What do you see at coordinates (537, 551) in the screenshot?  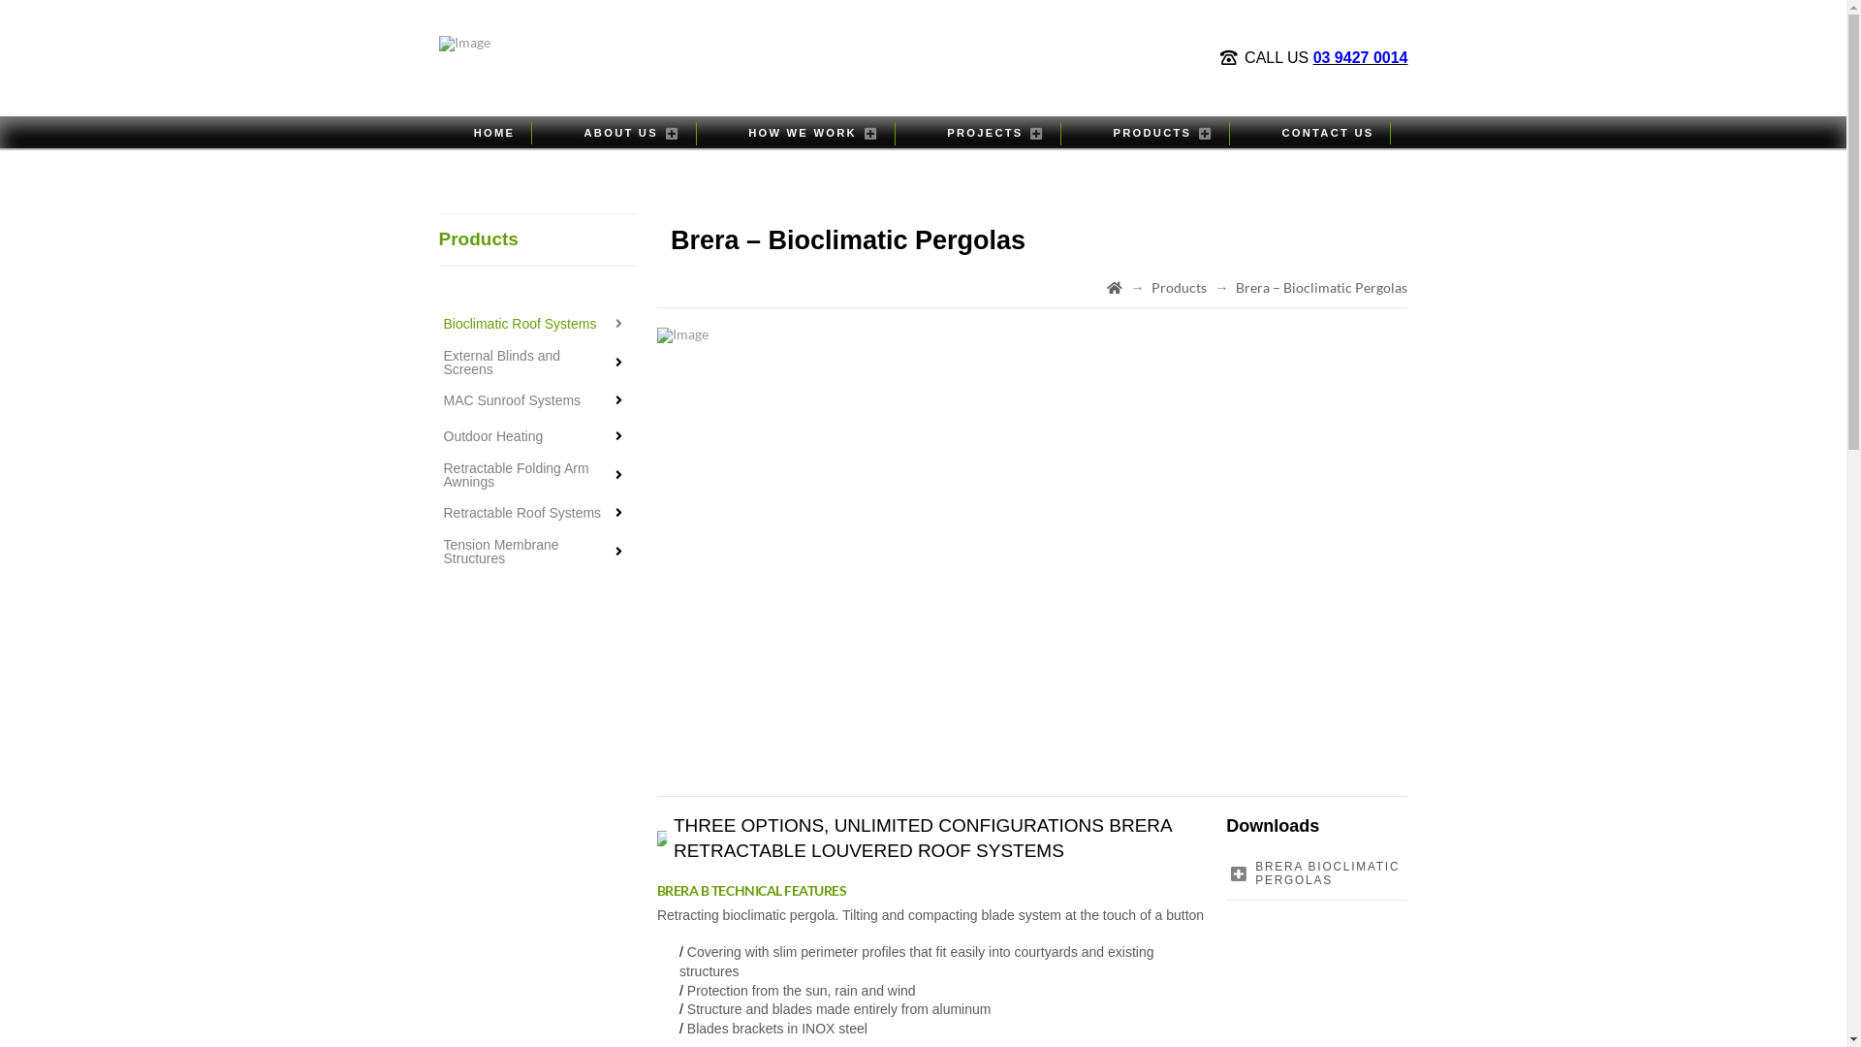 I see `'Tension Membrane Structures'` at bounding box center [537, 551].